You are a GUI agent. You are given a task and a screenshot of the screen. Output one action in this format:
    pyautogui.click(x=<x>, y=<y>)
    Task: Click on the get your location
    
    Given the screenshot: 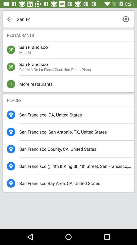 What is the action you would take?
    pyautogui.click(x=126, y=19)
    